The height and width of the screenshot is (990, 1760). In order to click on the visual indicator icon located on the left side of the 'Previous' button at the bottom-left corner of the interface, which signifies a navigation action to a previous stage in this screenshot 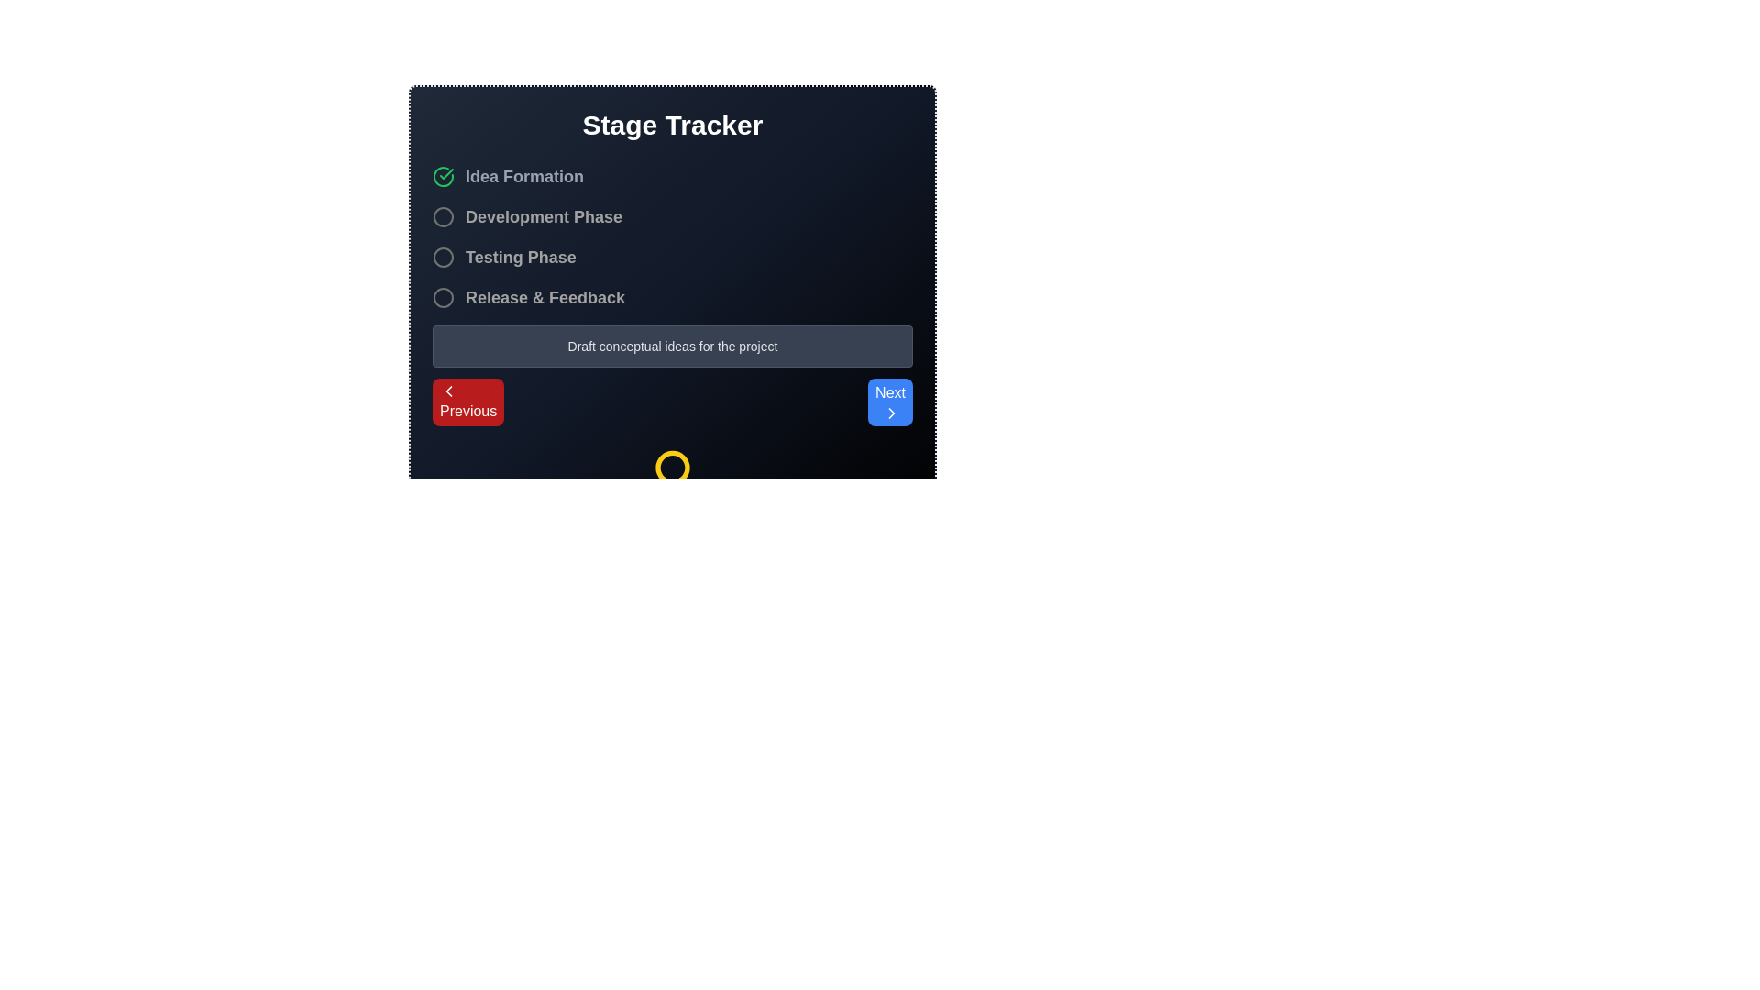, I will do `click(448, 390)`.